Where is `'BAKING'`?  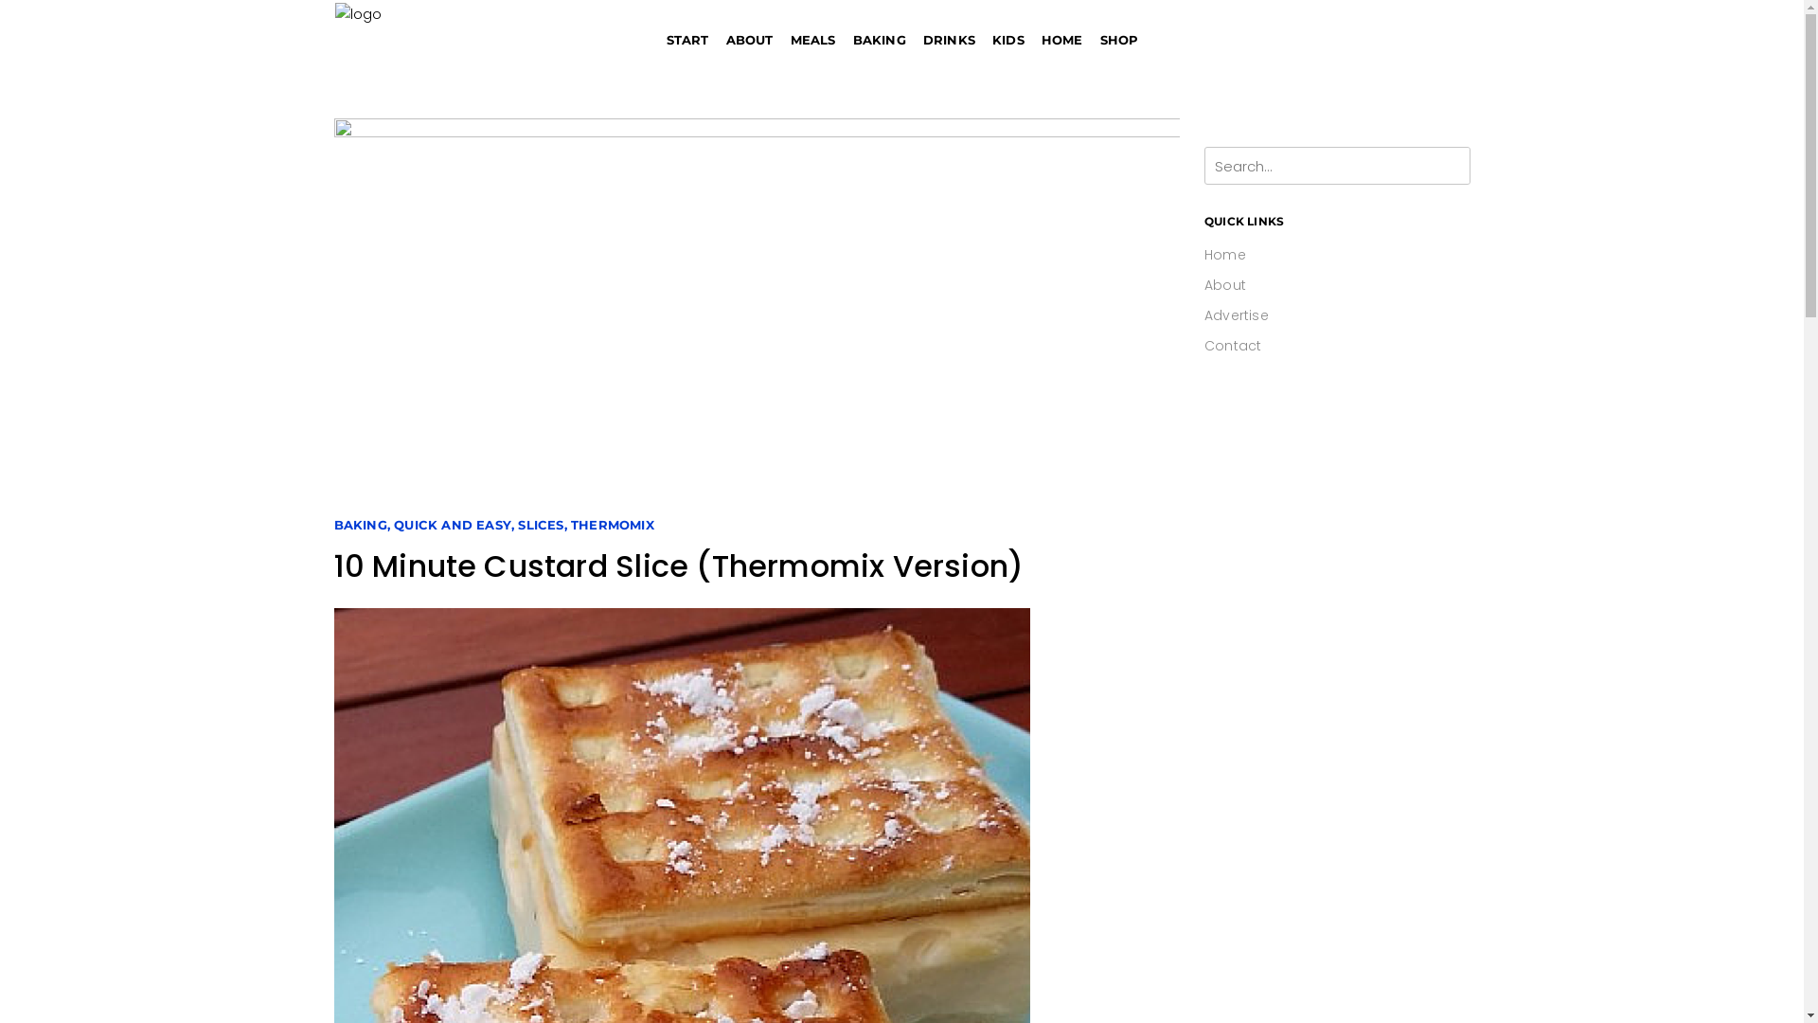
'BAKING' is located at coordinates (359, 525).